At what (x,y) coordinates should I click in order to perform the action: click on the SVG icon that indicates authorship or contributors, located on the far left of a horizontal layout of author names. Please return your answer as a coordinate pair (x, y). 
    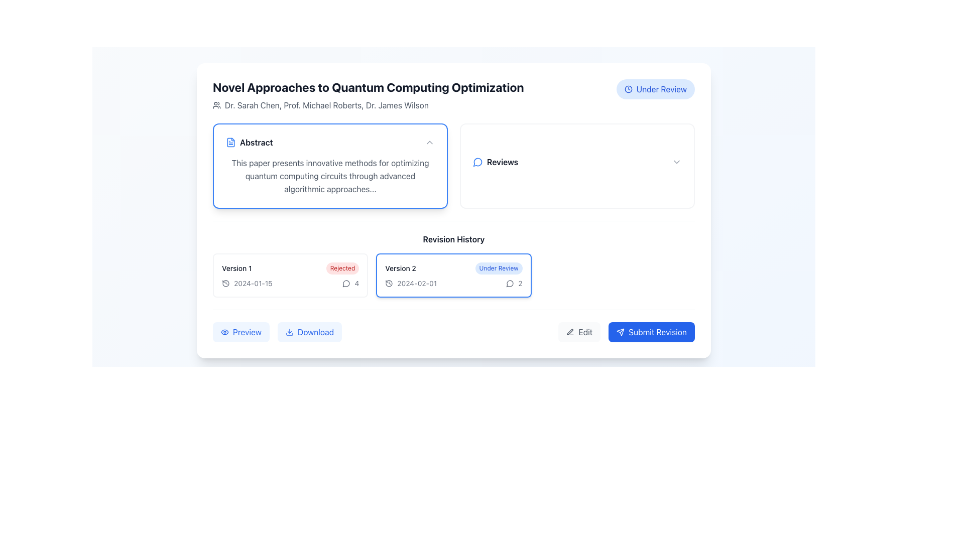
    Looking at the image, I should click on (216, 105).